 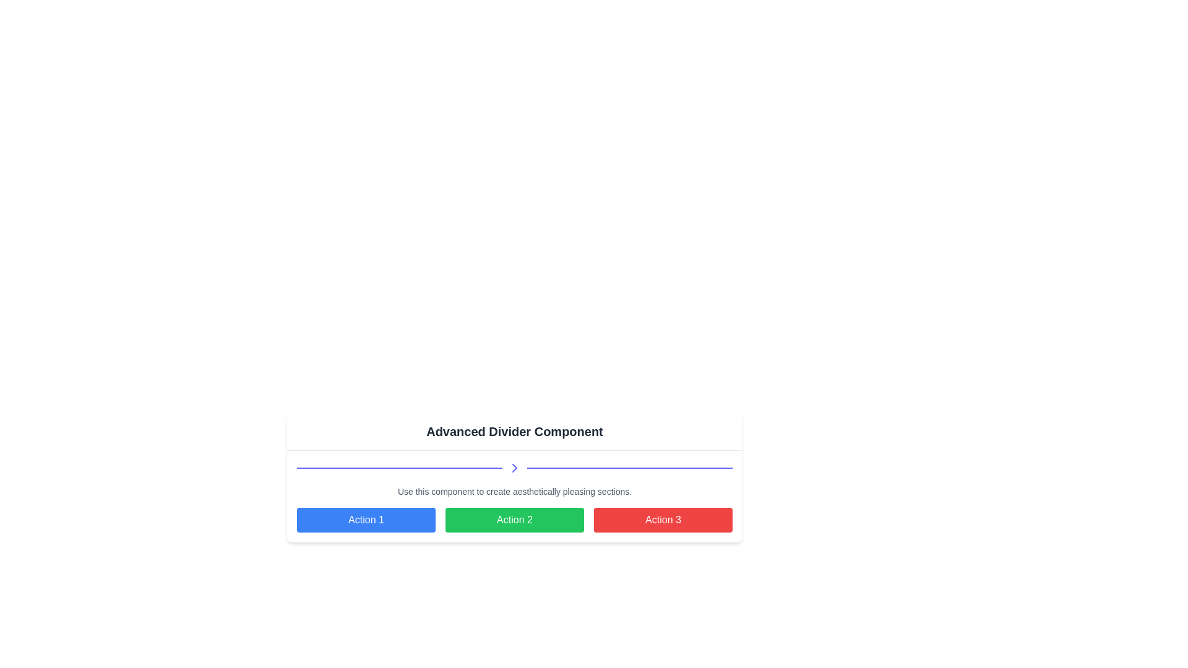 What do you see at coordinates (514, 468) in the screenshot?
I see `the right-facing indigo chevron icon located between two horizontal indigo lines` at bounding box center [514, 468].